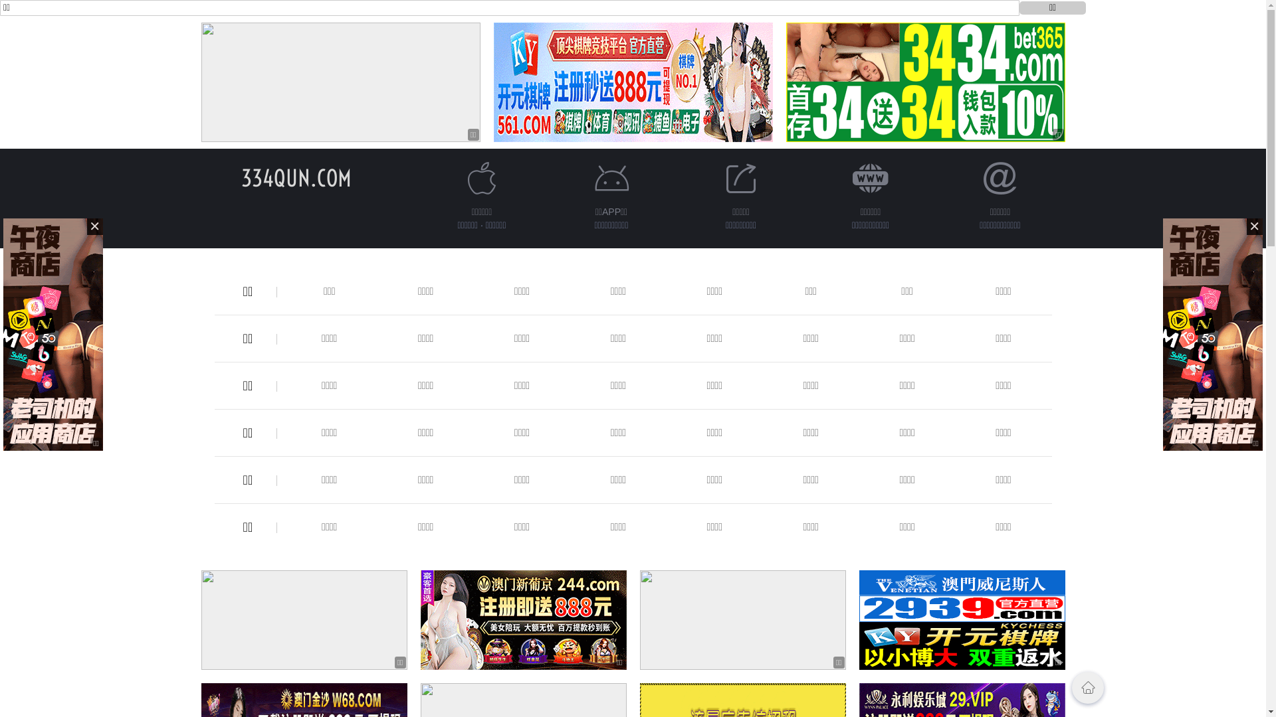  Describe the element at coordinates (295, 177) in the screenshot. I see `'334QUN.COM'` at that location.